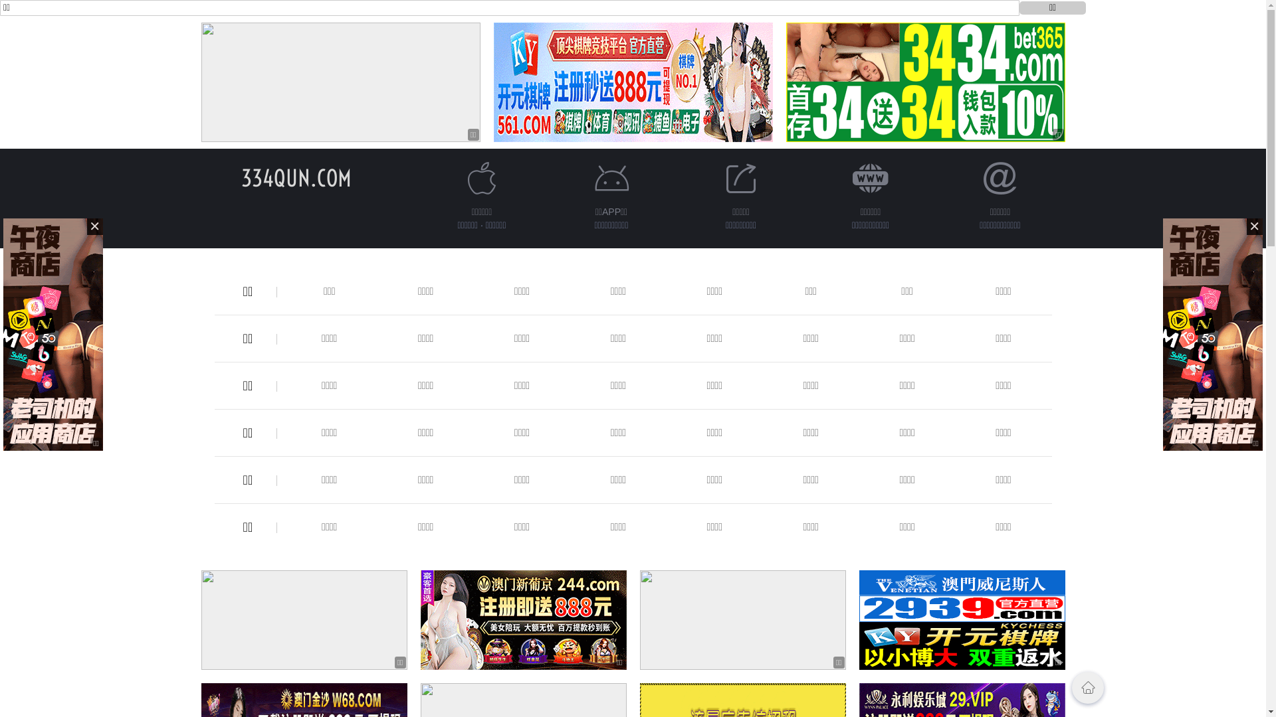  Describe the element at coordinates (295, 177) in the screenshot. I see `'334QUN.COM'` at that location.